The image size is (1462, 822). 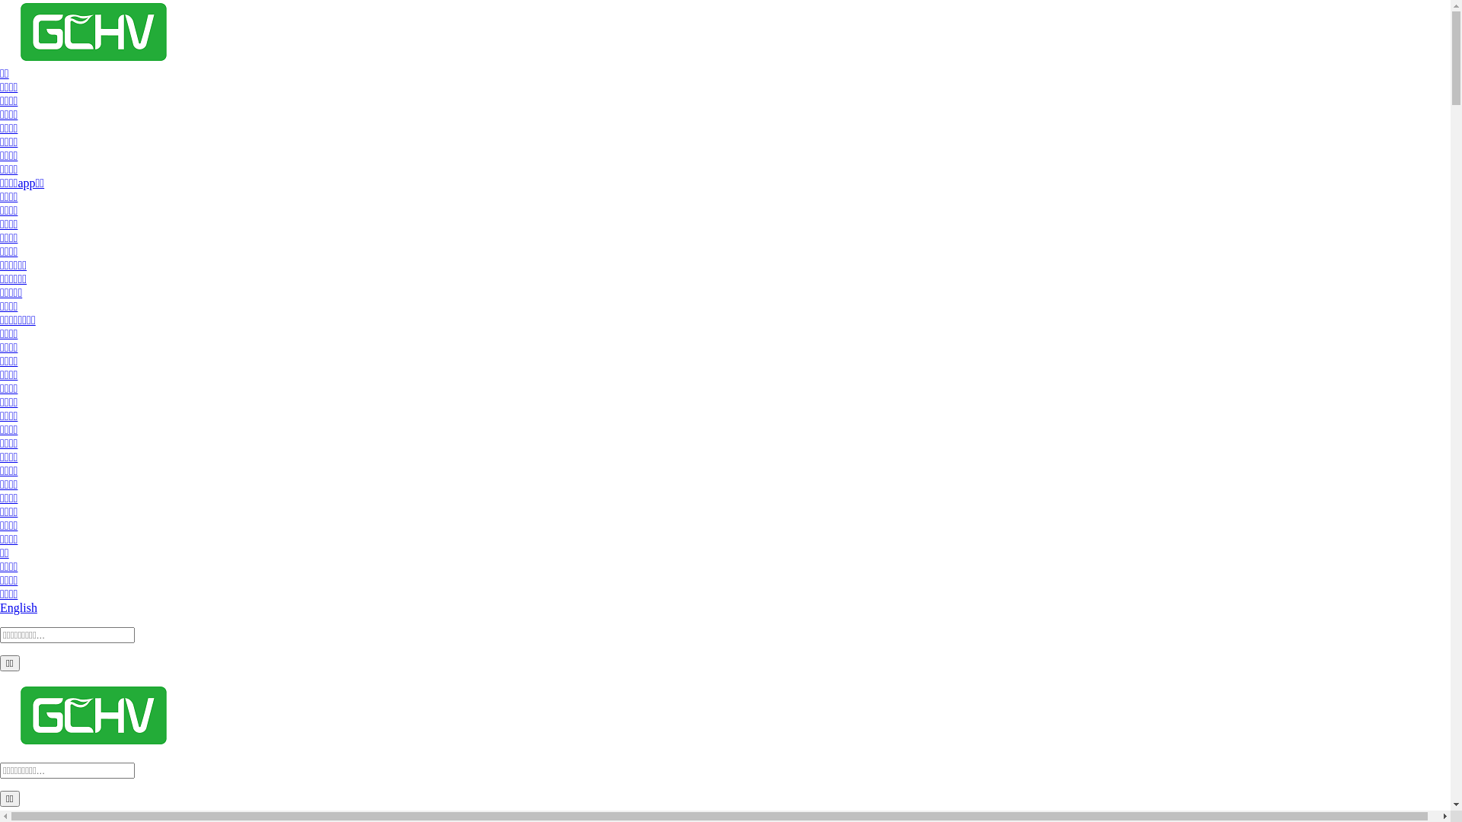 What do you see at coordinates (18, 607) in the screenshot?
I see `'English'` at bounding box center [18, 607].